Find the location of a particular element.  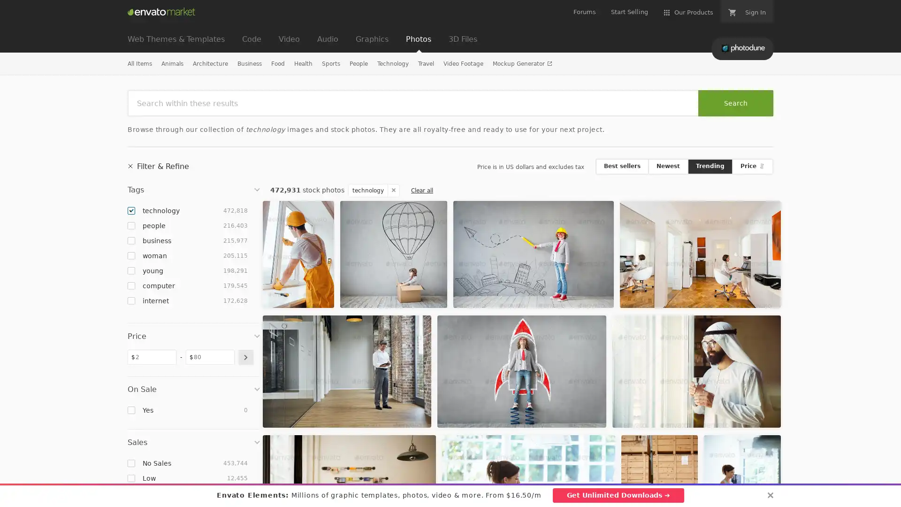

Add to Favorites is located at coordinates (423, 446).